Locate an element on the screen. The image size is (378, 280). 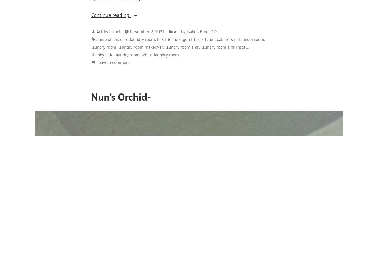
'November 2, 2021' is located at coordinates (147, 31).